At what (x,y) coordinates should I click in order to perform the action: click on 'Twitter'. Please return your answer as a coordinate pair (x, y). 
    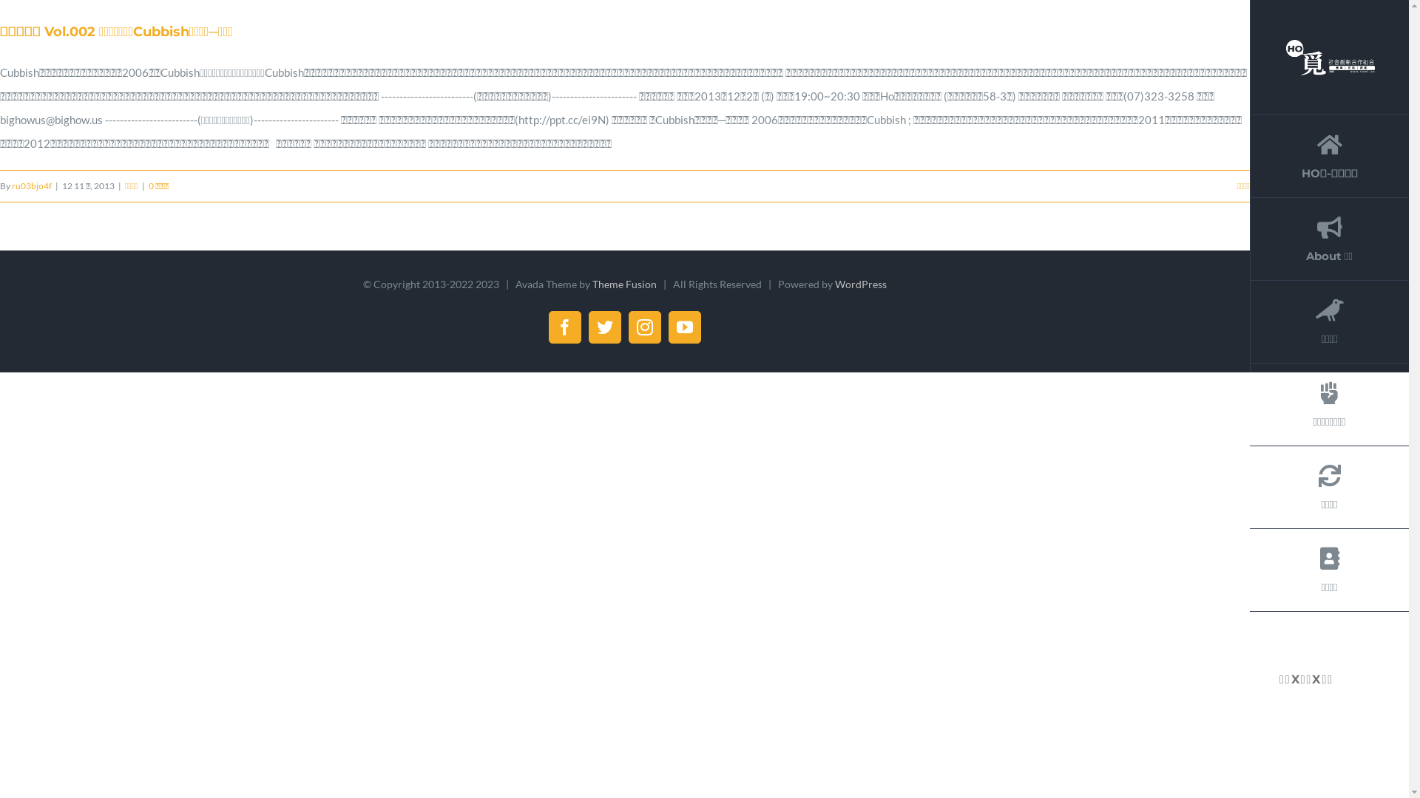
    Looking at the image, I should click on (604, 327).